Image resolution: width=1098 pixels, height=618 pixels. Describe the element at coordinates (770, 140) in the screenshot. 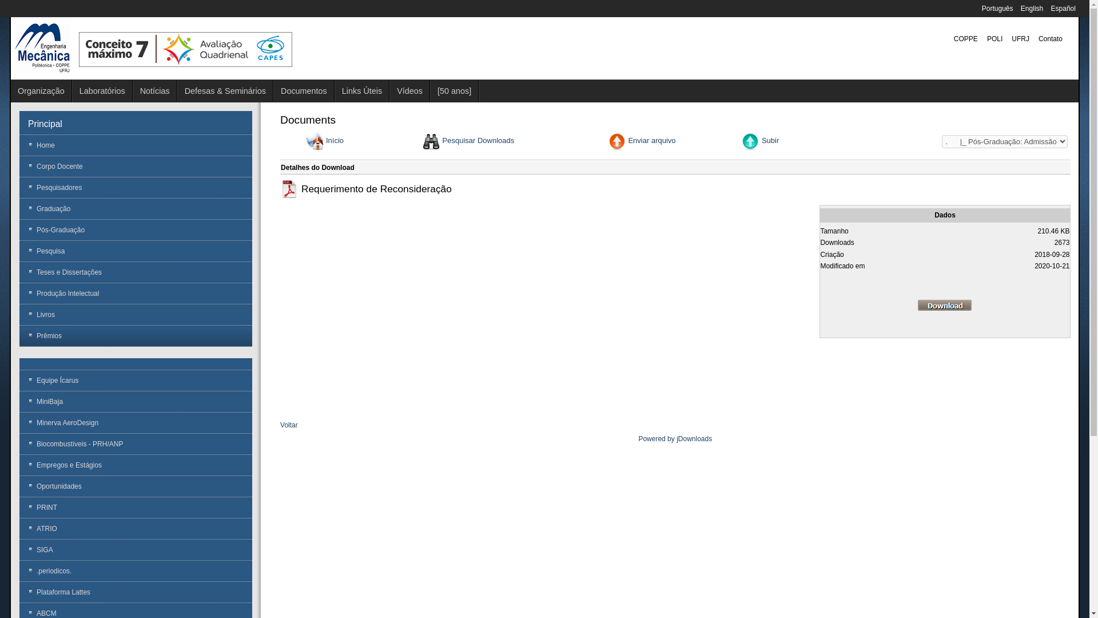

I see `'Subir'` at that location.